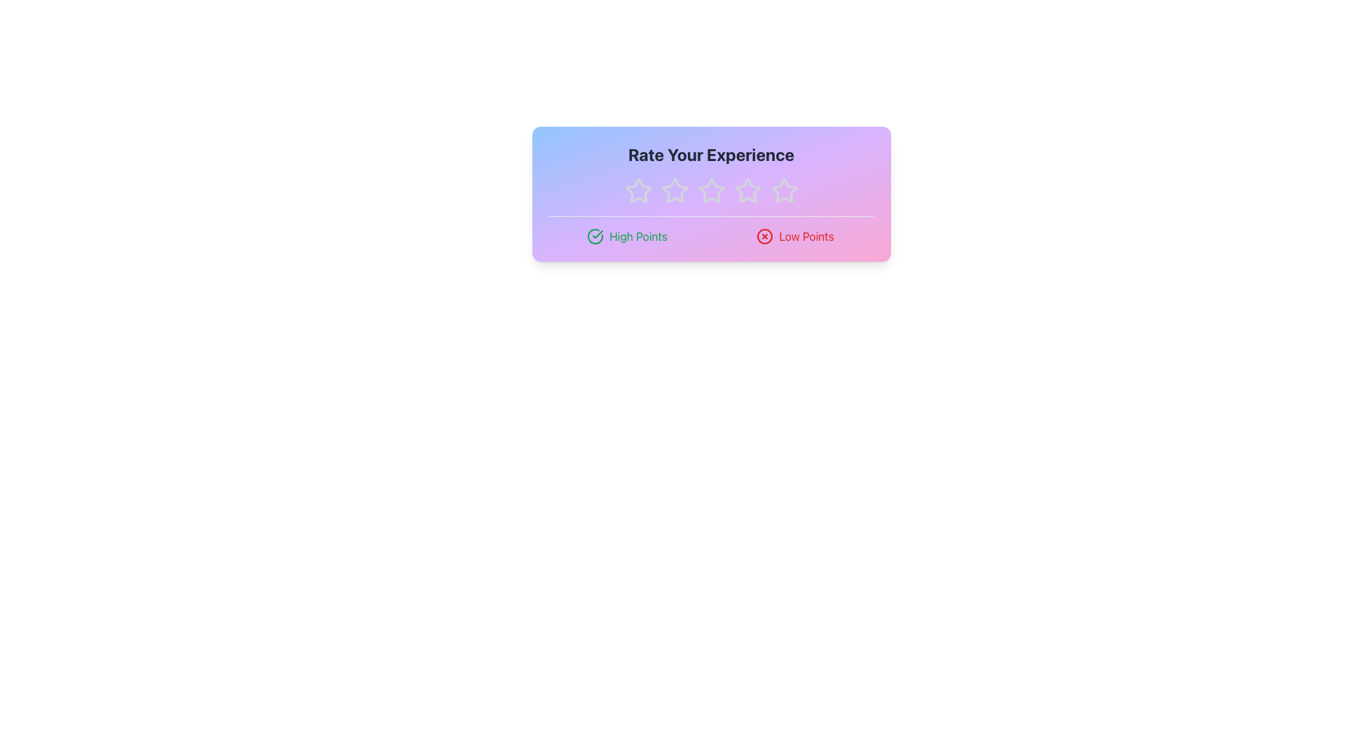  I want to click on the fourth star icon in the rating widget, located directly below the 'Rate Your Experience' label, so click(747, 191).